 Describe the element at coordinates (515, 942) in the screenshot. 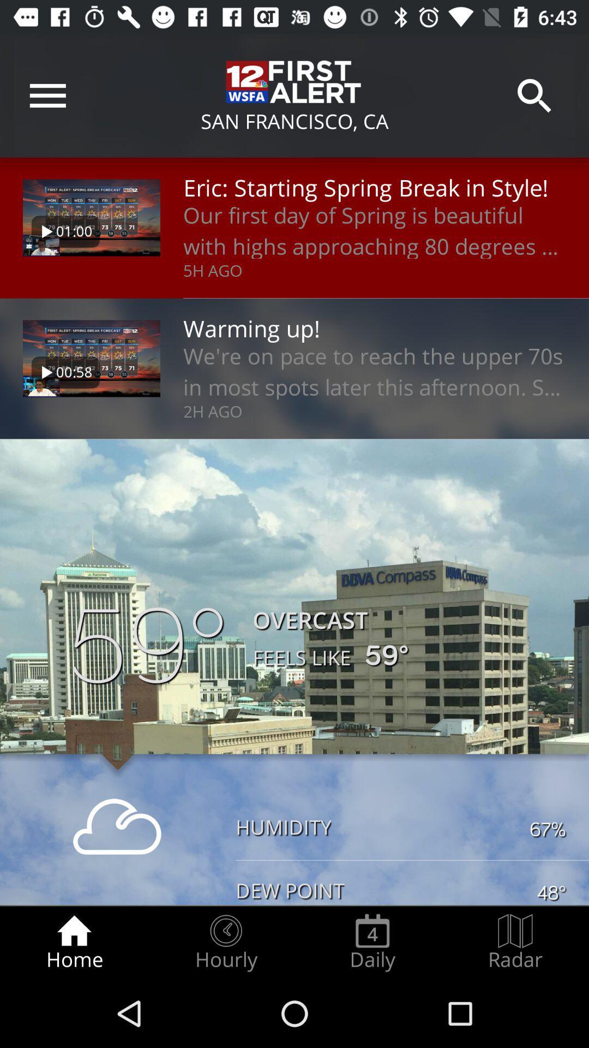

I see `the radar icon` at that location.